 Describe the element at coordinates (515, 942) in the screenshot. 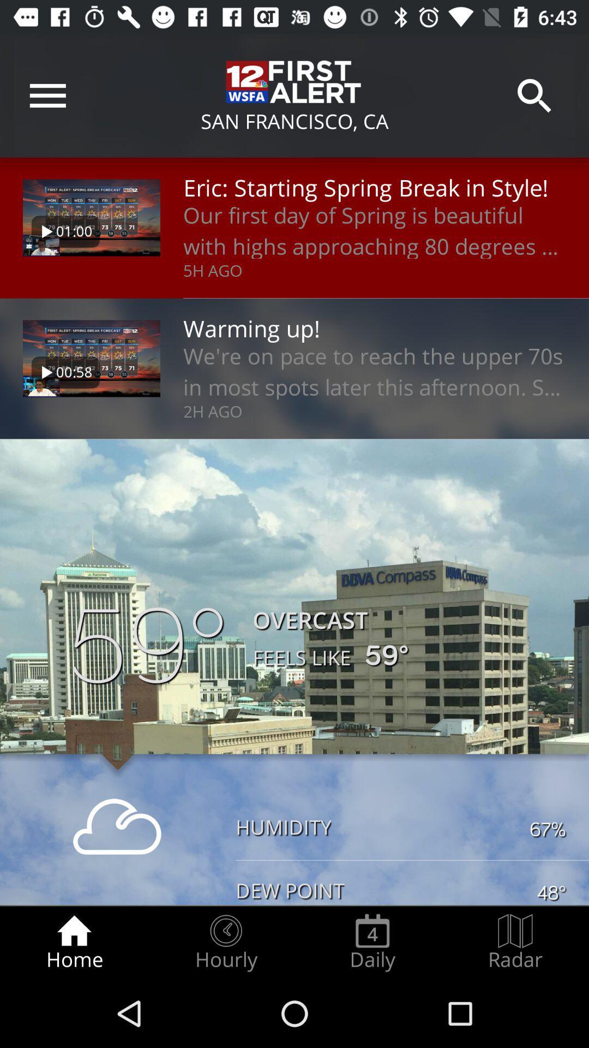

I see `the radar icon` at that location.